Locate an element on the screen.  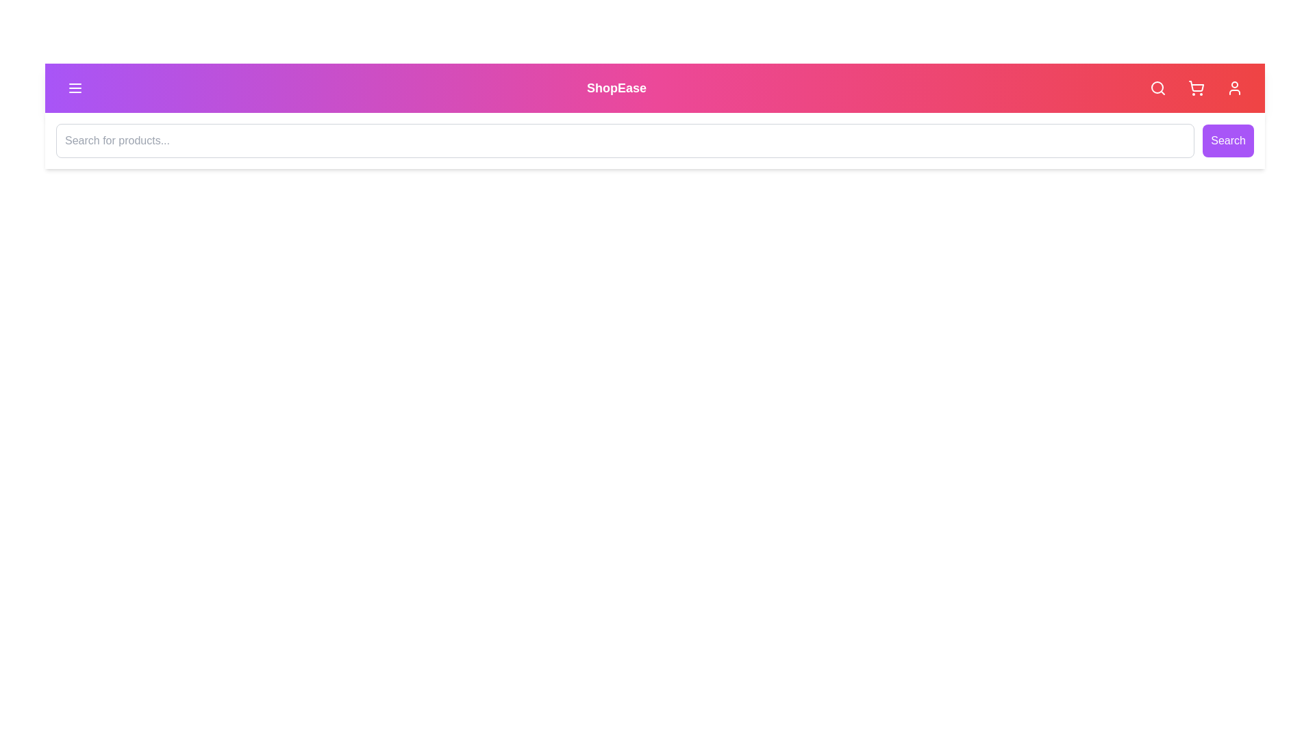
the search toggle button to hide the search bar is located at coordinates (1157, 88).